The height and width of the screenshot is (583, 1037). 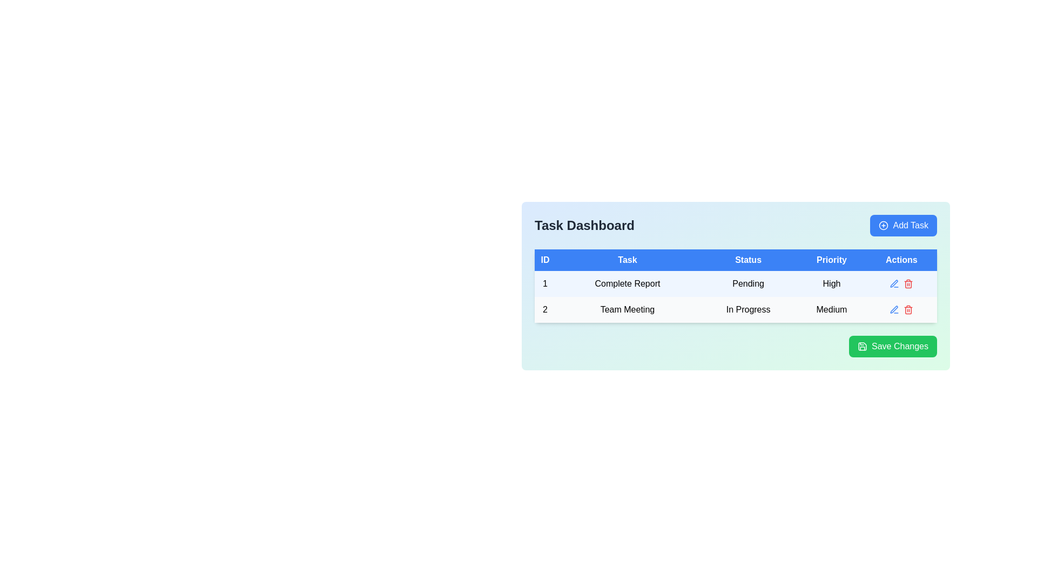 I want to click on the static text label displaying 'Medium' in the fourth column of the second row of the table under the 'Priority' section of the Team Meeting dashboard, so click(x=831, y=310).